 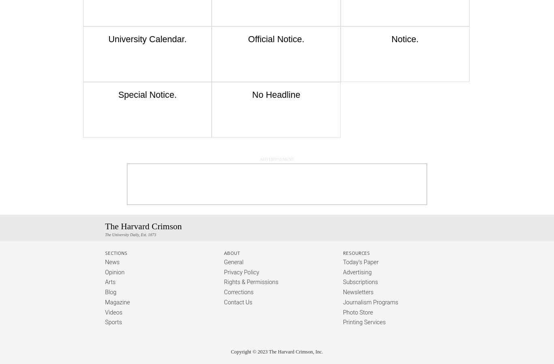 I want to click on 'Notice.', so click(x=405, y=39).